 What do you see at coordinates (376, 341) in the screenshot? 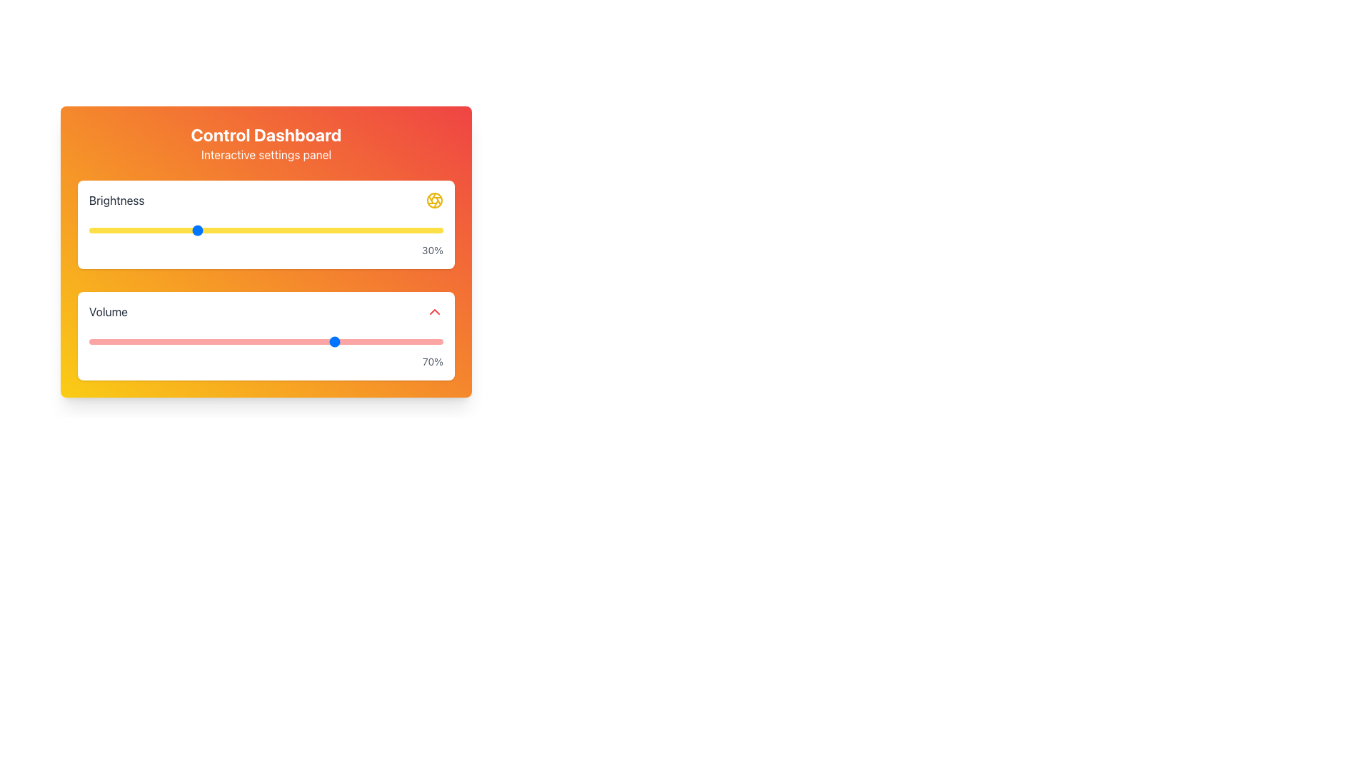
I see `the volume` at bounding box center [376, 341].